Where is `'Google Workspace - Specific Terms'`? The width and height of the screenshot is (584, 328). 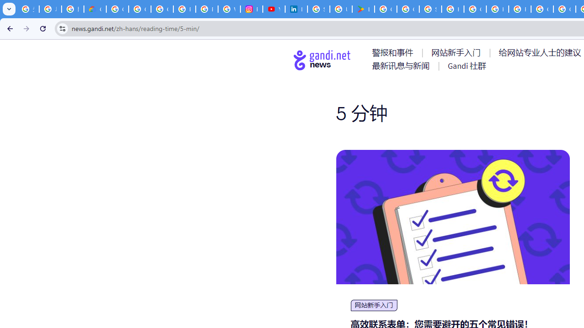 'Google Workspace - Specific Terms' is located at coordinates (407, 9).